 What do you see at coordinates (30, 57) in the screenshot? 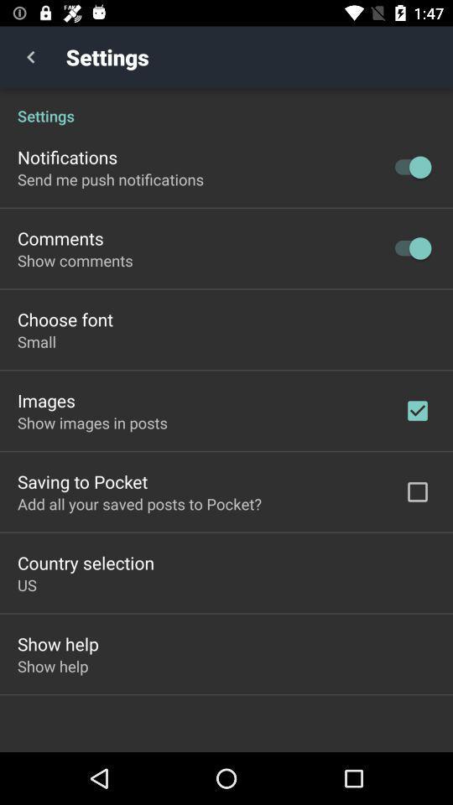
I see `item above the settings item` at bounding box center [30, 57].